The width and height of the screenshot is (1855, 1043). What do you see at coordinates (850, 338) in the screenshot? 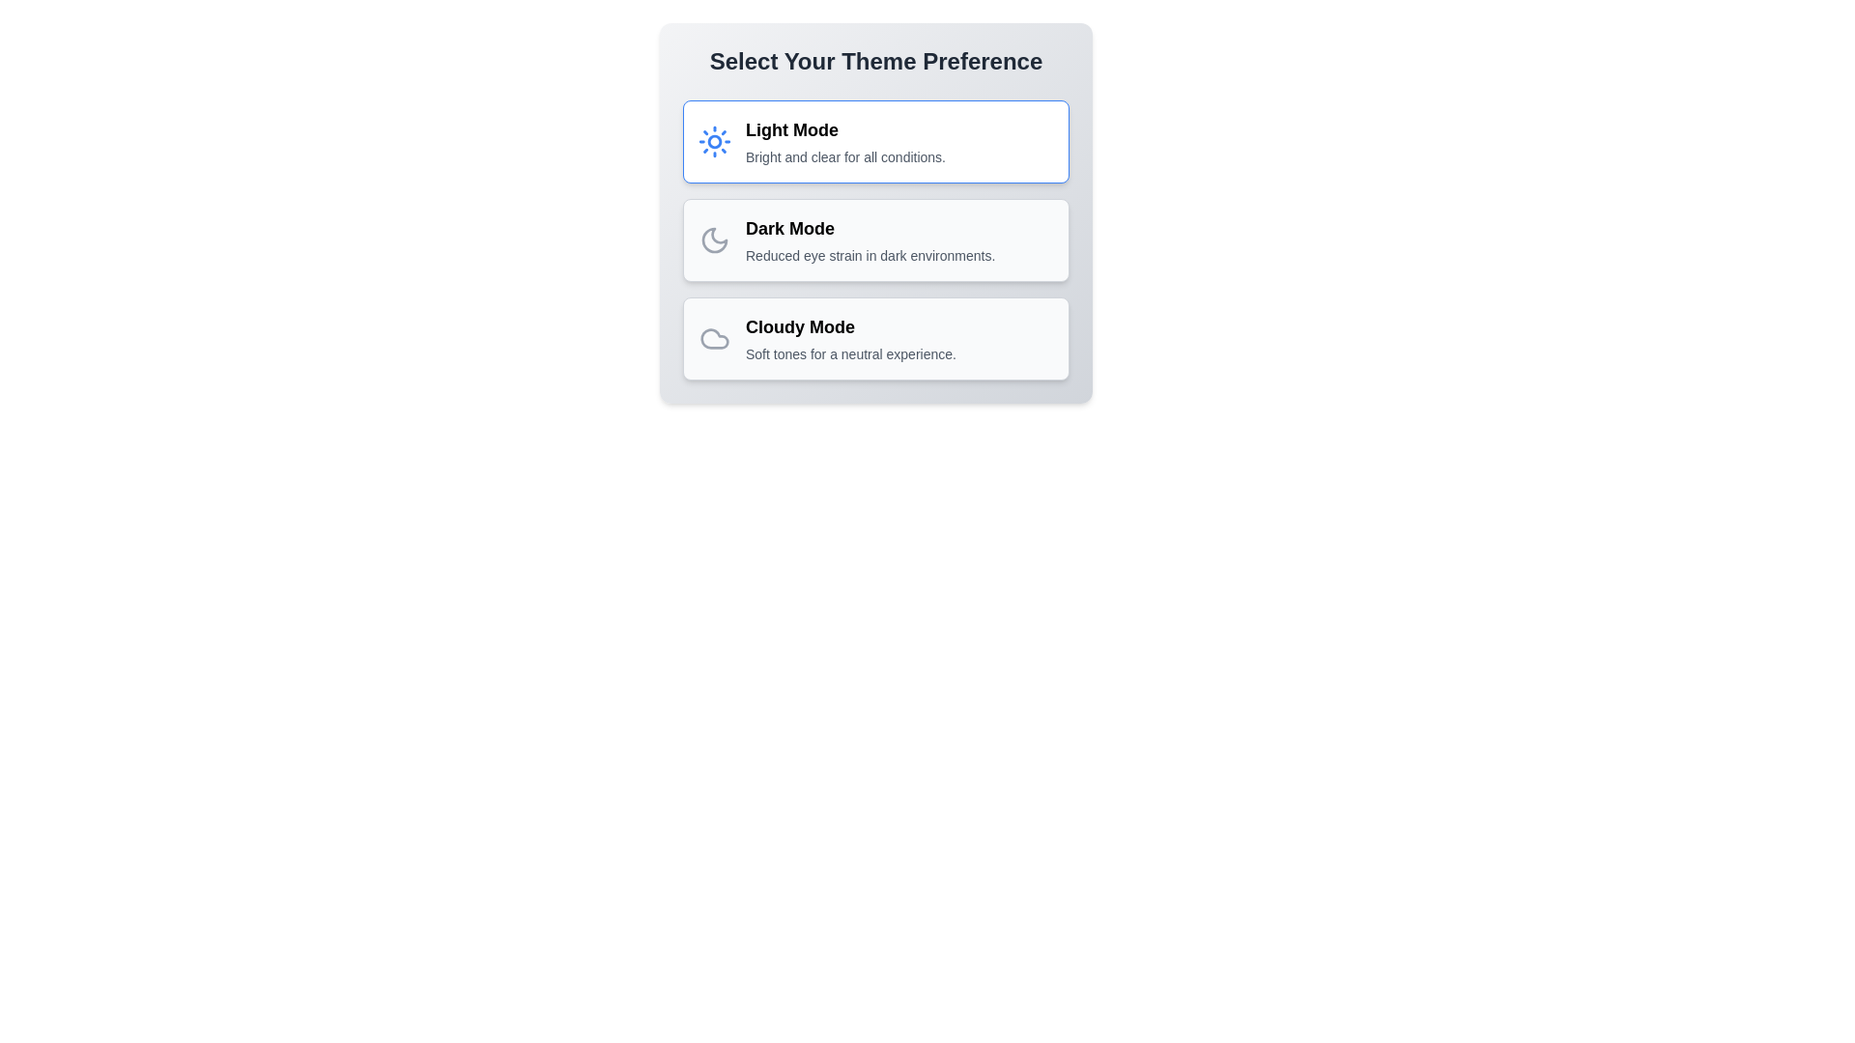
I see `text content of the 'Cloudy Mode' theme option information located in the text block within the third card of the 'Select Your Theme Preference' interface` at bounding box center [850, 338].